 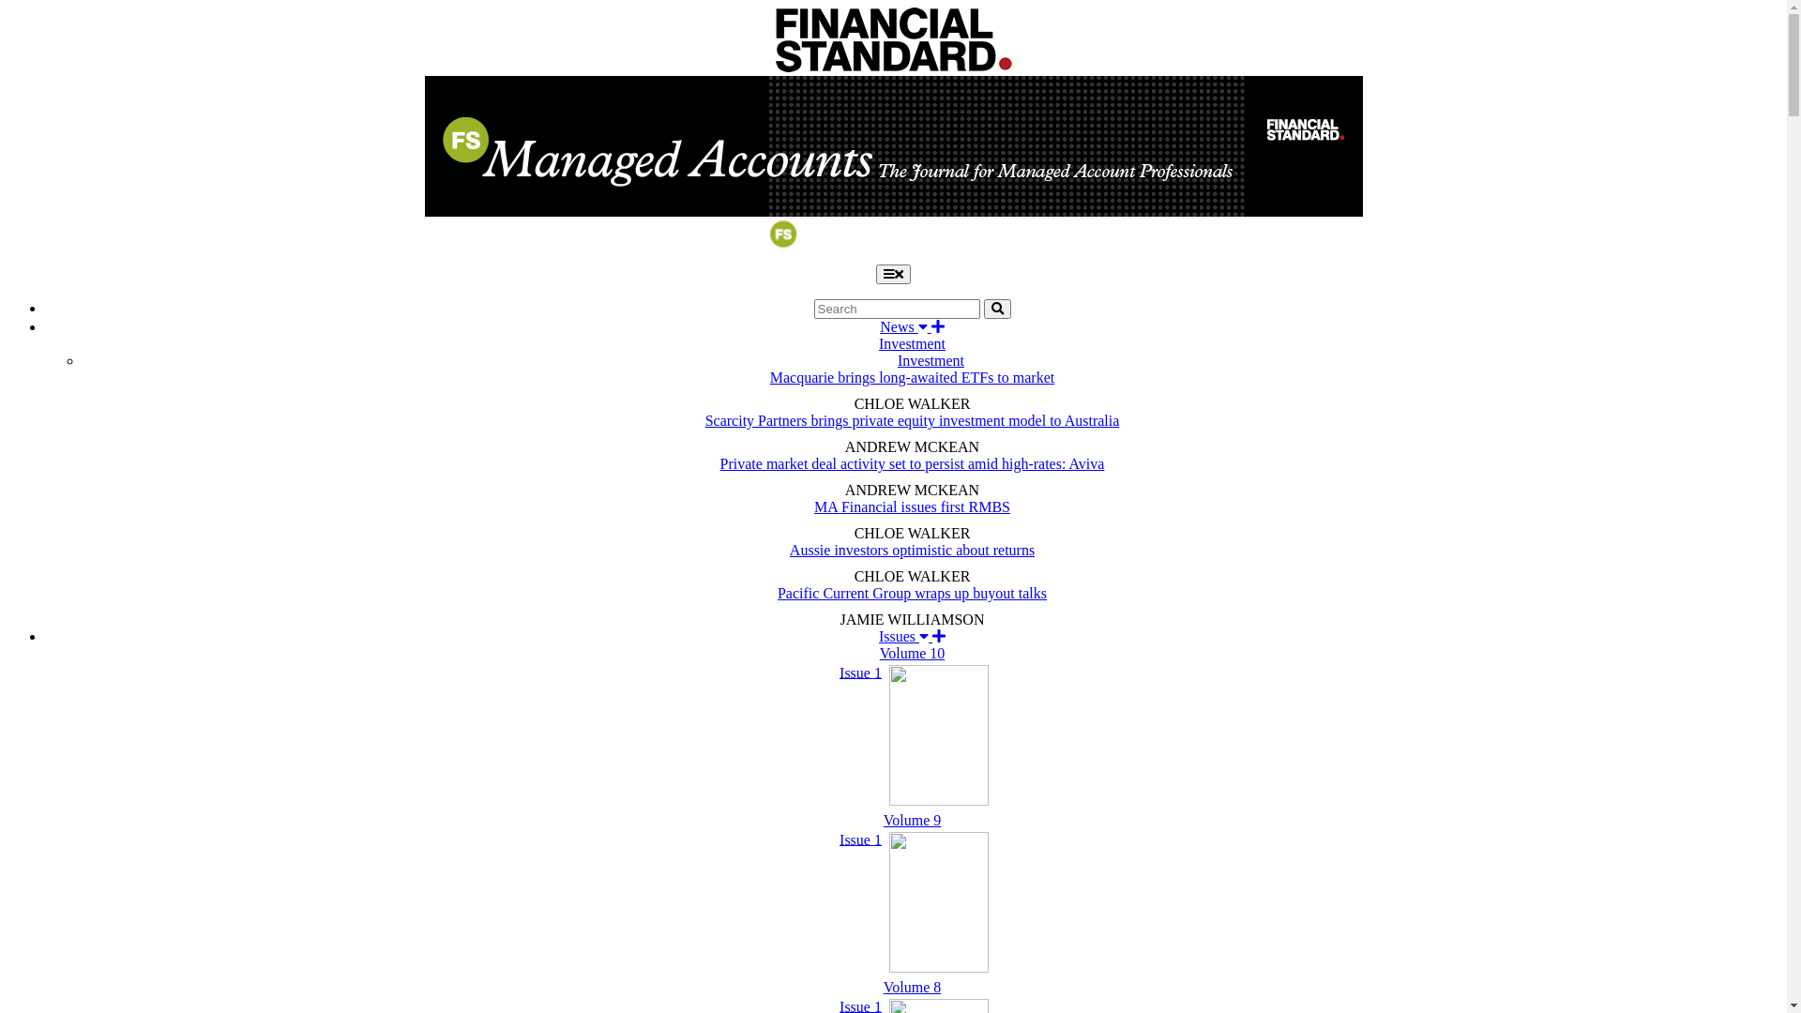 What do you see at coordinates (931, 360) in the screenshot?
I see `'Investment'` at bounding box center [931, 360].